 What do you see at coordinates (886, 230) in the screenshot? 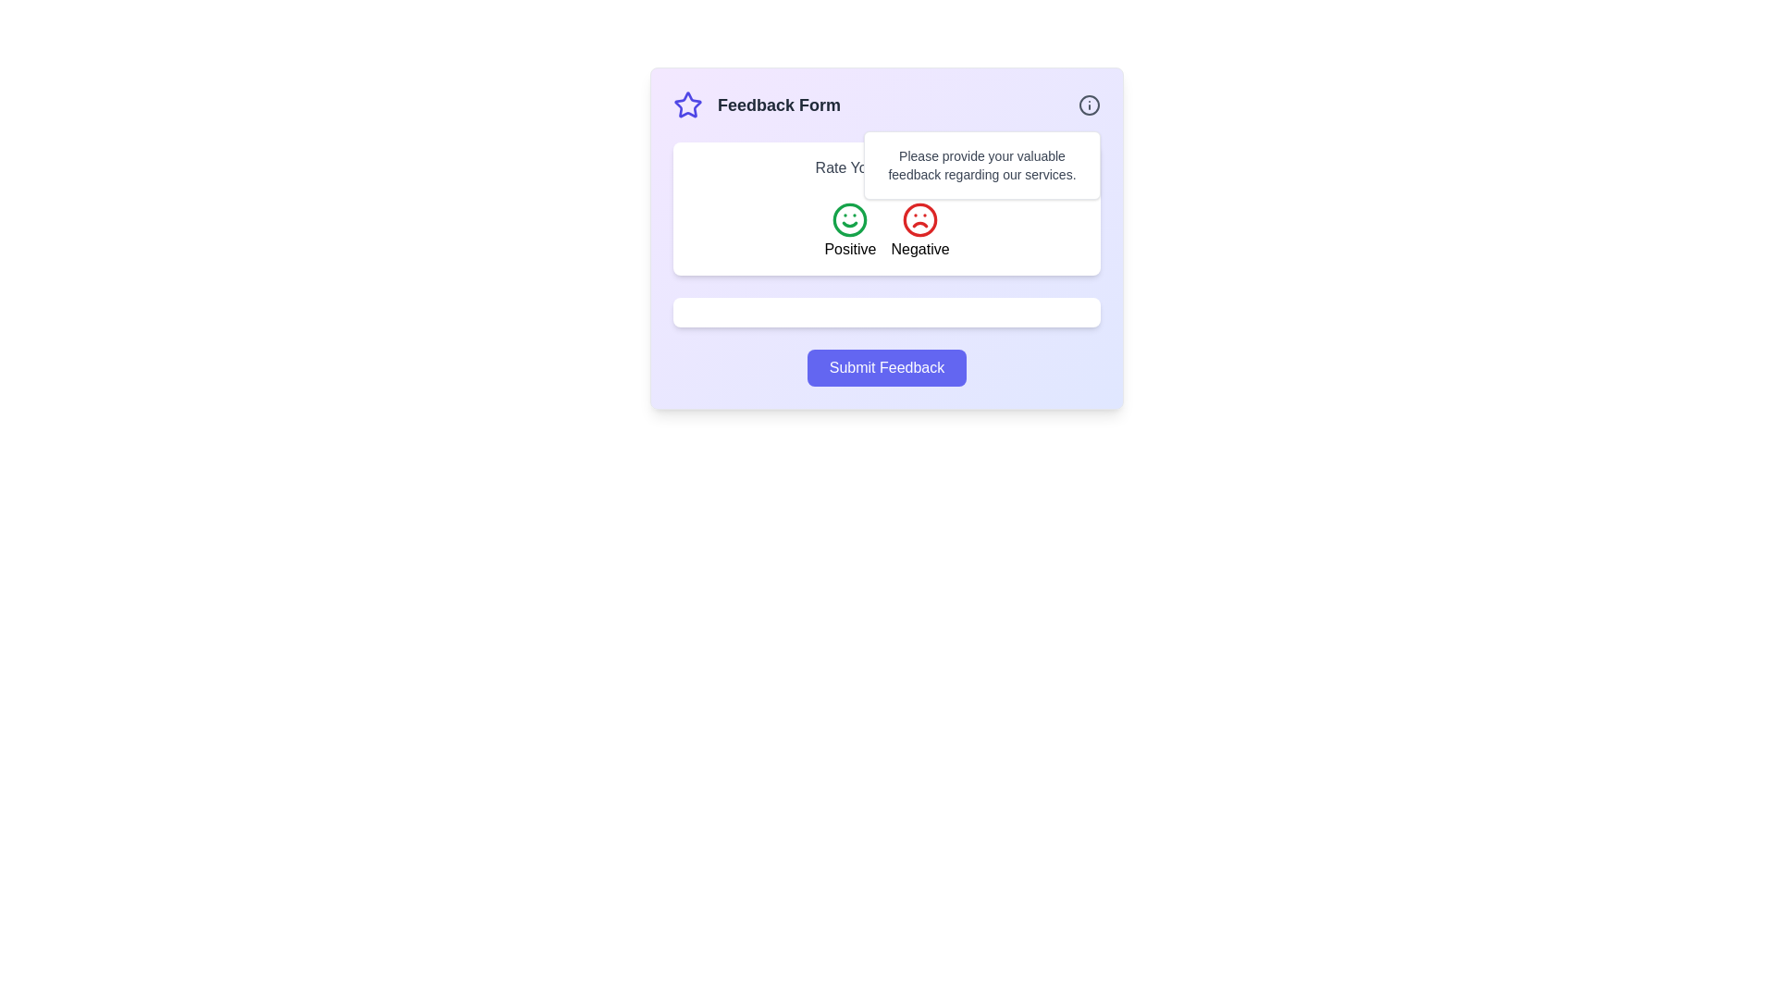
I see `the 'Positive' section of the Interactive rating component, which allows users to rate their experience as Positive or Negative` at bounding box center [886, 230].